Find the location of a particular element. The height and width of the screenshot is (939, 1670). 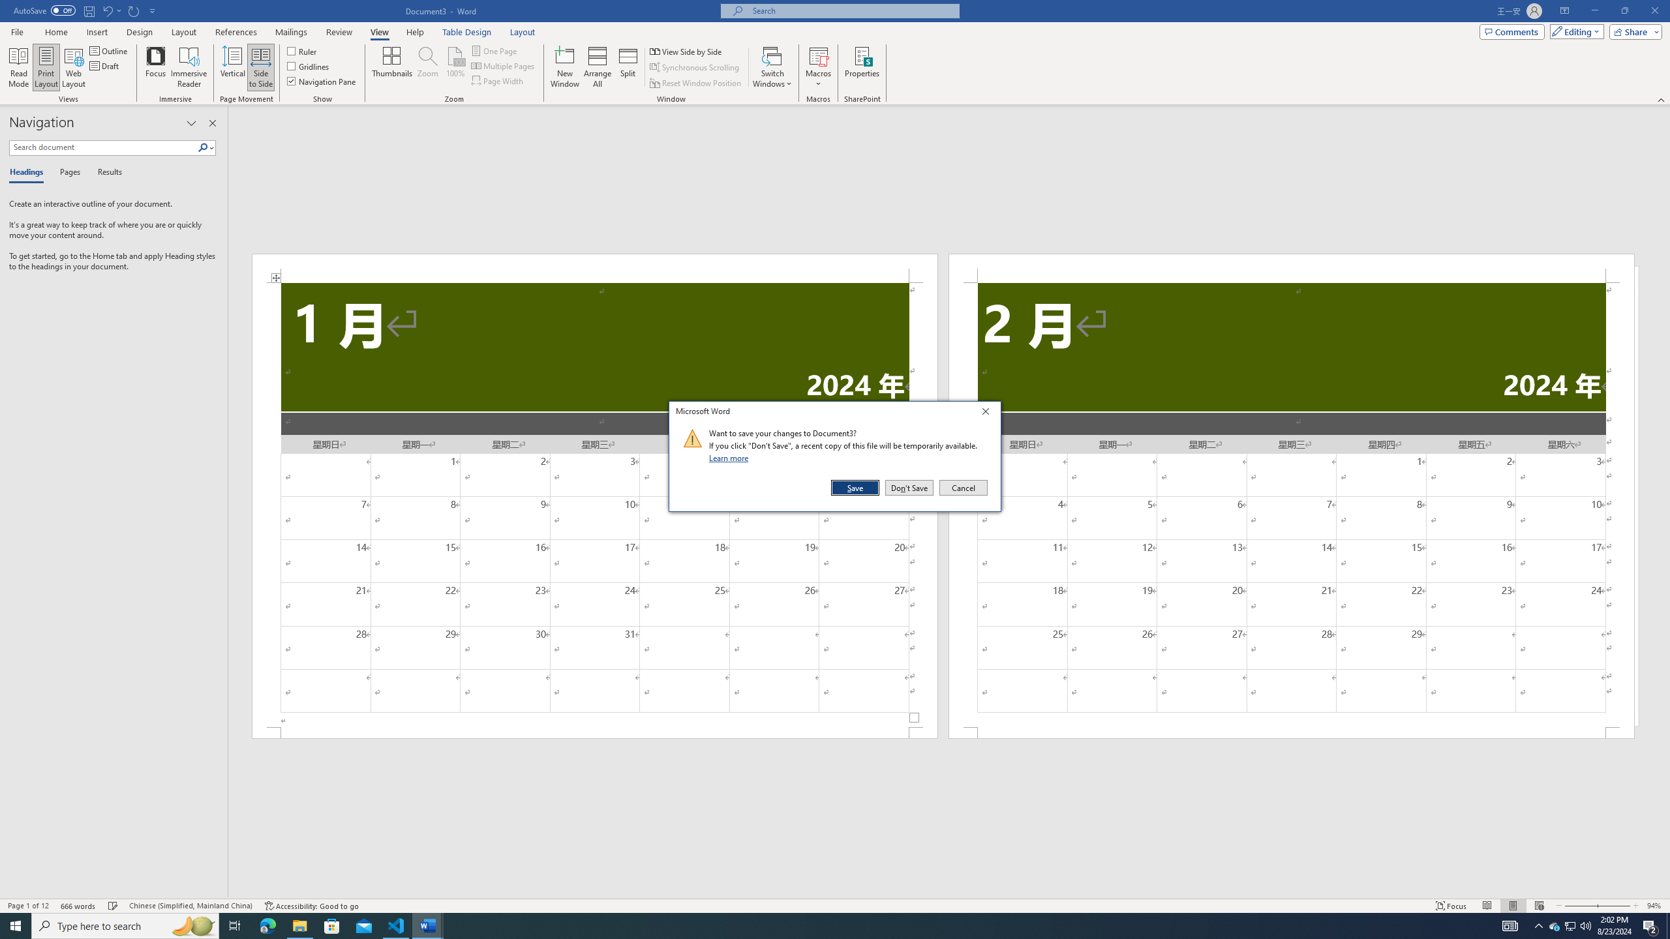

'Header -Section 2-' is located at coordinates (1292, 267).